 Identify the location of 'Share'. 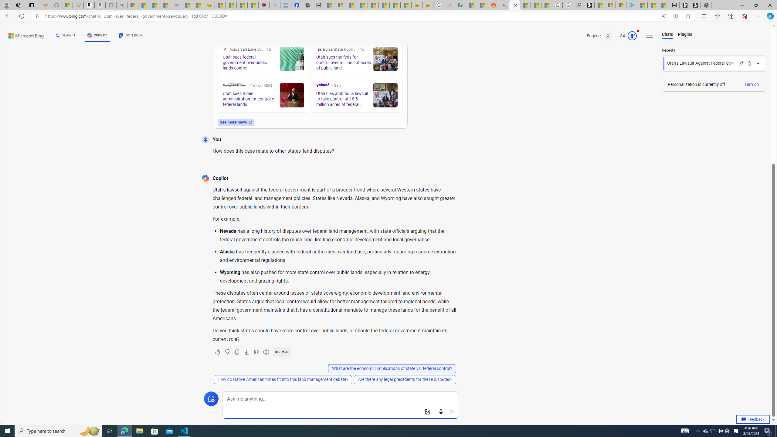
(256, 351).